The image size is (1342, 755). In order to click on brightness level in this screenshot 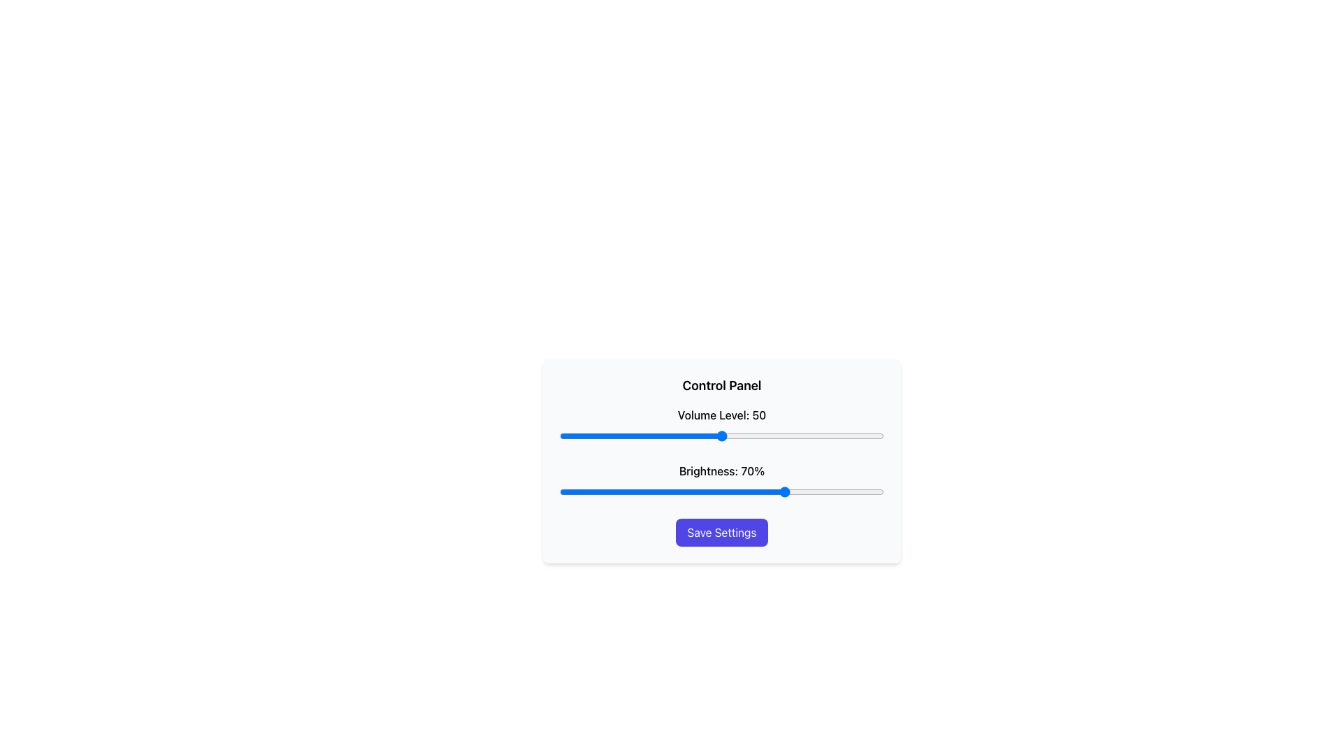, I will do `click(835, 491)`.